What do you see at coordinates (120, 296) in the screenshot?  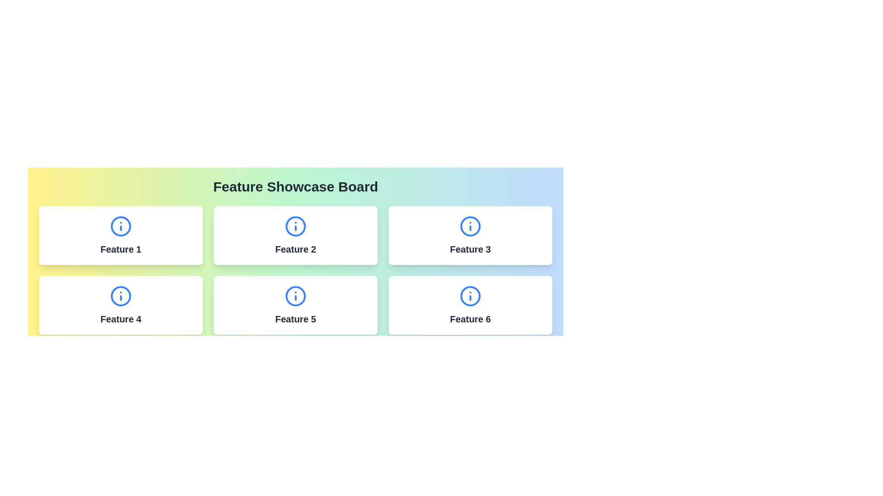 I see `the information icon representing 'Feature 4', which is located in the first feature box of the second row in a 2 x 3 grid layout` at bounding box center [120, 296].